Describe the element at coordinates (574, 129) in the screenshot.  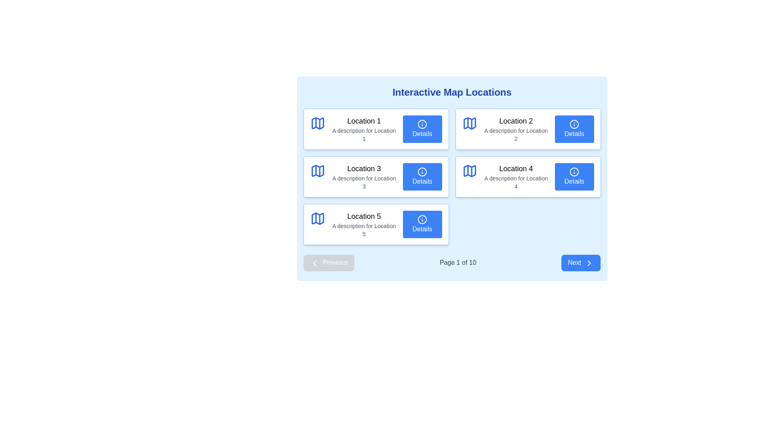
I see `the rectangular button labeled 'Details' with a blue background and white text` at that location.